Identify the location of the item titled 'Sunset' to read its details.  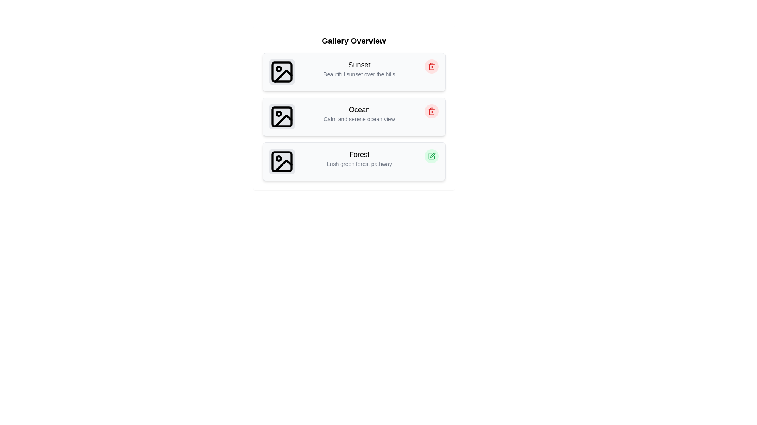
(353, 72).